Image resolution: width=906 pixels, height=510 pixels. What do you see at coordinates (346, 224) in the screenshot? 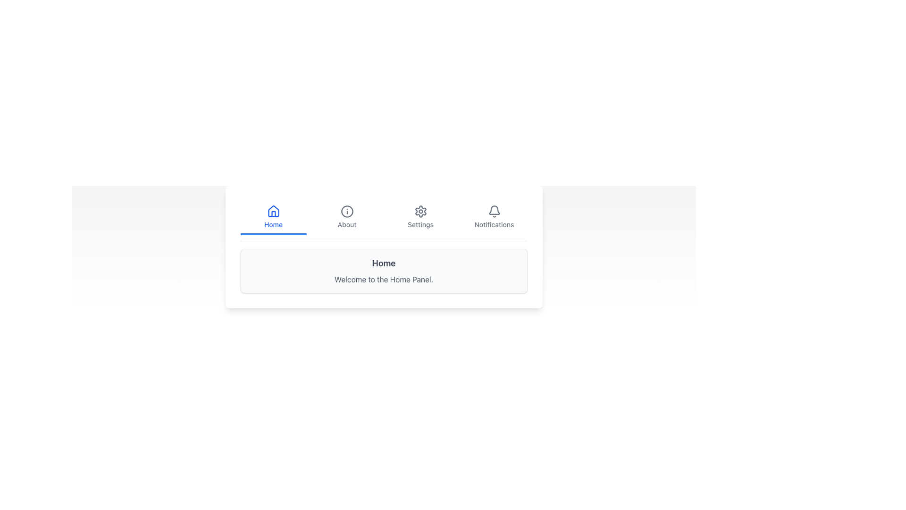
I see `text label displaying 'About' in gray font, positioned below the informational icon in the second section of the layout` at bounding box center [346, 224].